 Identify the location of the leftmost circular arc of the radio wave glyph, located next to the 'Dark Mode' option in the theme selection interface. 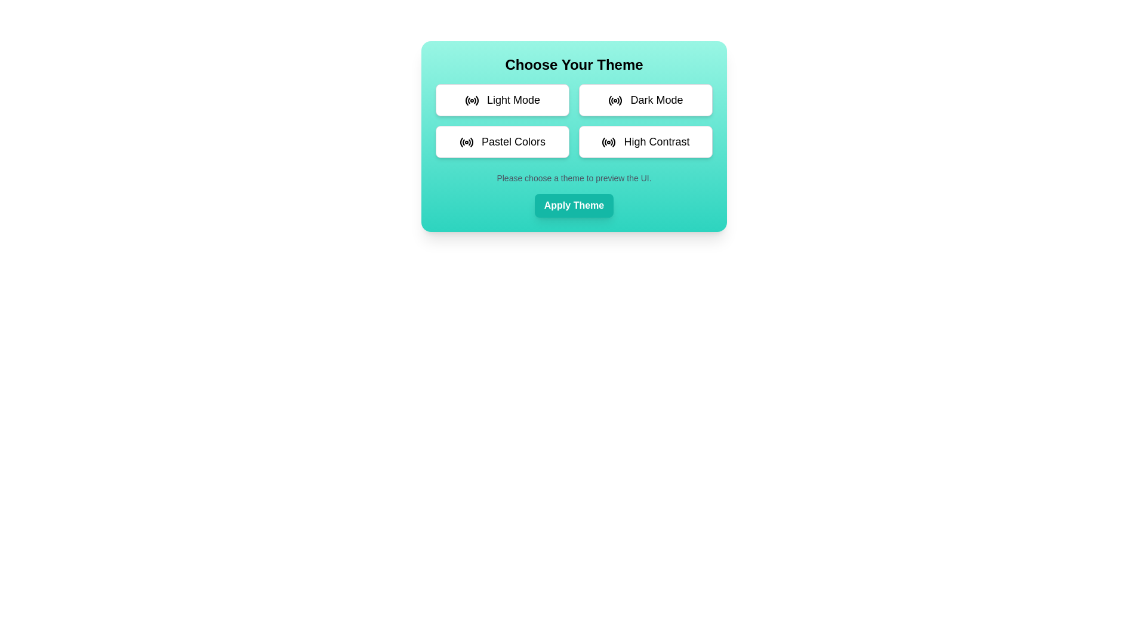
(610, 100).